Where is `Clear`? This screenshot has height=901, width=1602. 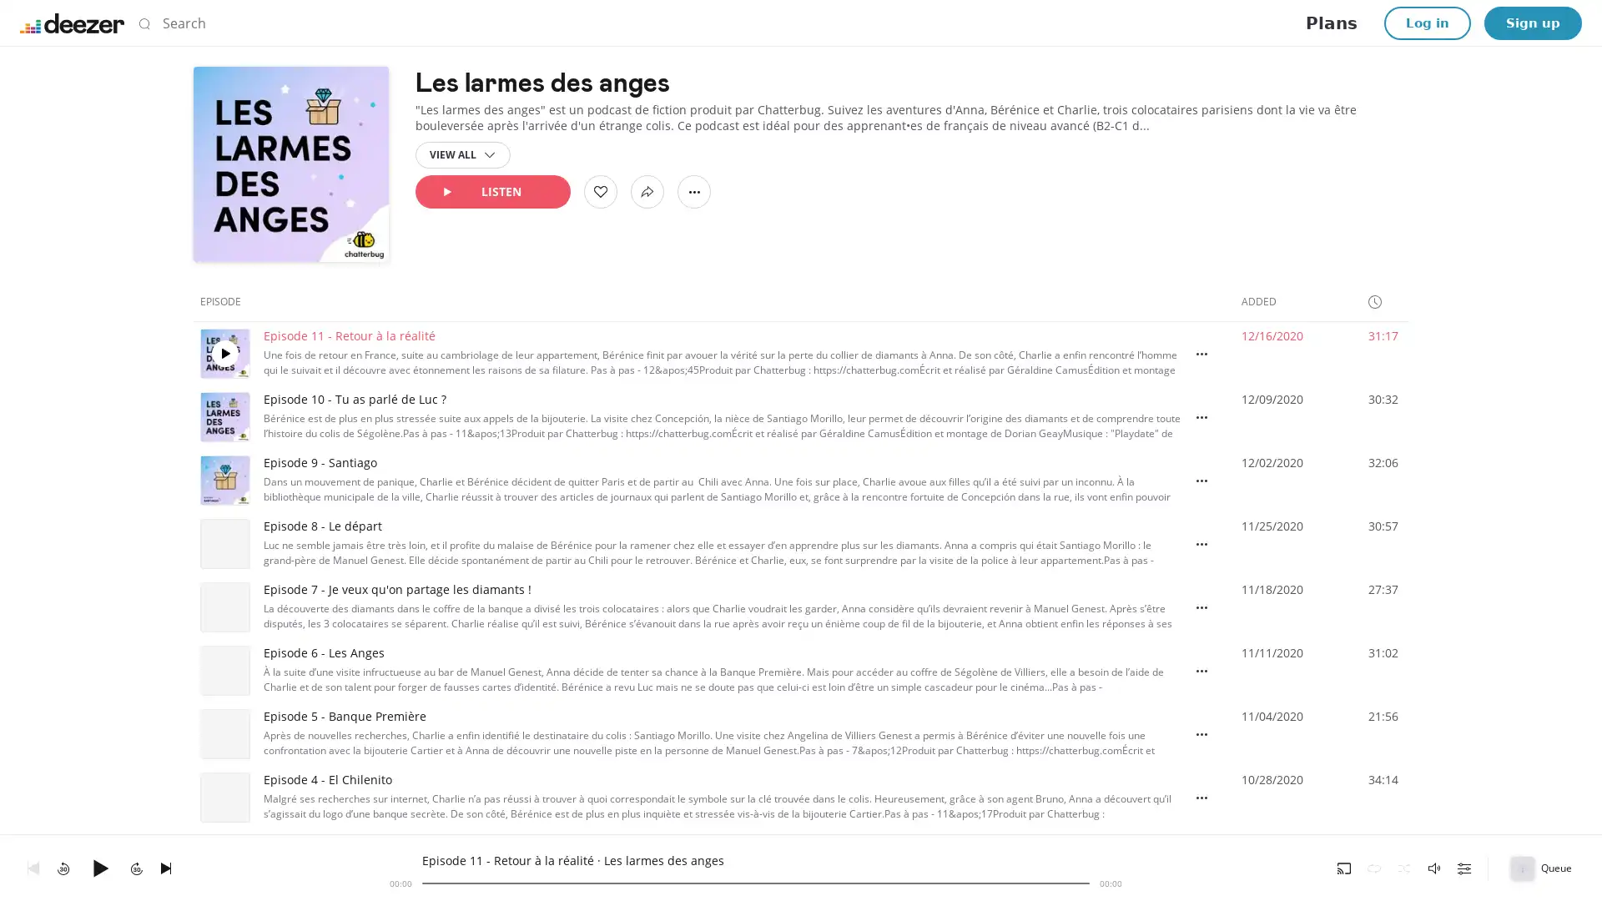
Clear is located at coordinates (1064, 23).